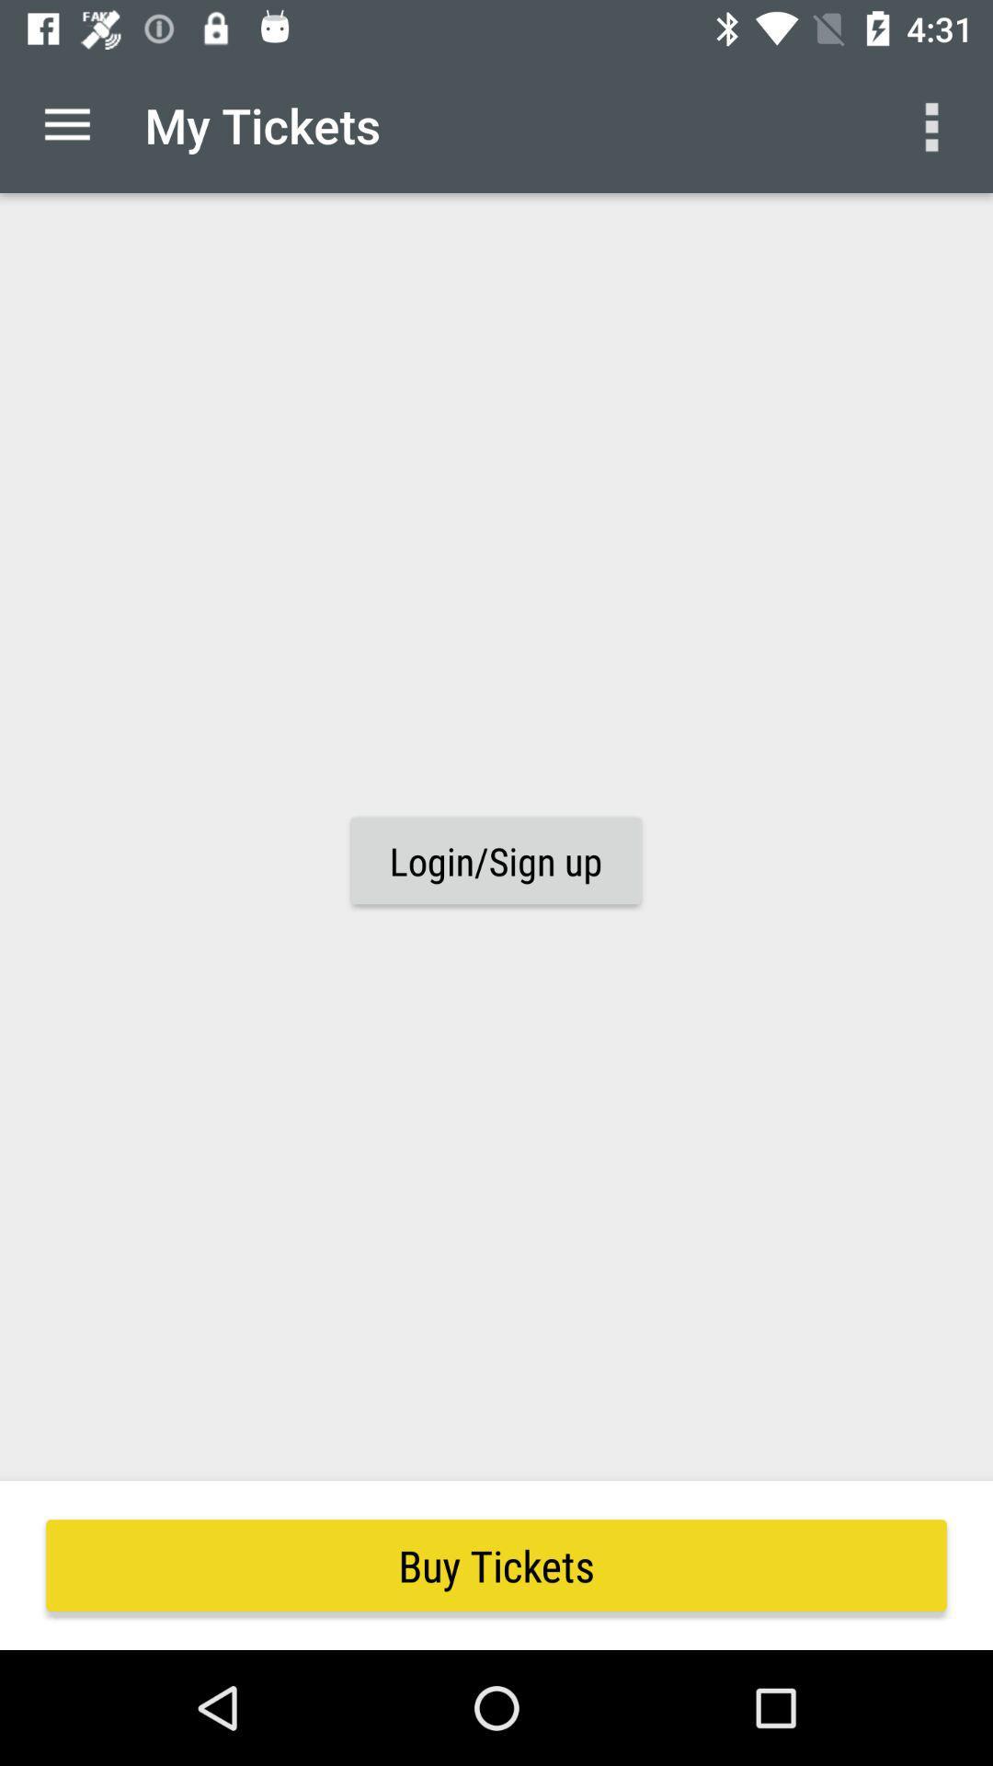 The height and width of the screenshot is (1766, 993). I want to click on the login/sign up, so click(495, 860).